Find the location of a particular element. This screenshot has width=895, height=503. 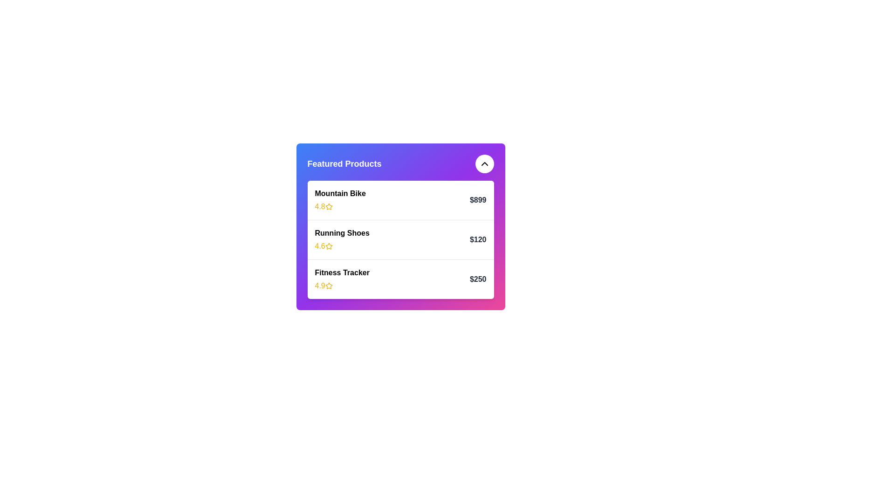

the list entry for the product 'Fitness Tracker' which is the last item in a vertically stacked list is located at coordinates (400, 279).